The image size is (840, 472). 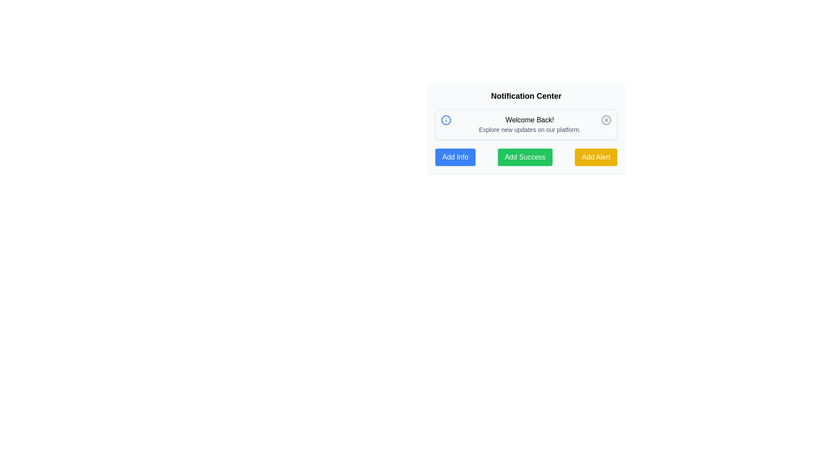 I want to click on the third button in the horizontal row below the 'Notification Center' card, so click(x=595, y=156).